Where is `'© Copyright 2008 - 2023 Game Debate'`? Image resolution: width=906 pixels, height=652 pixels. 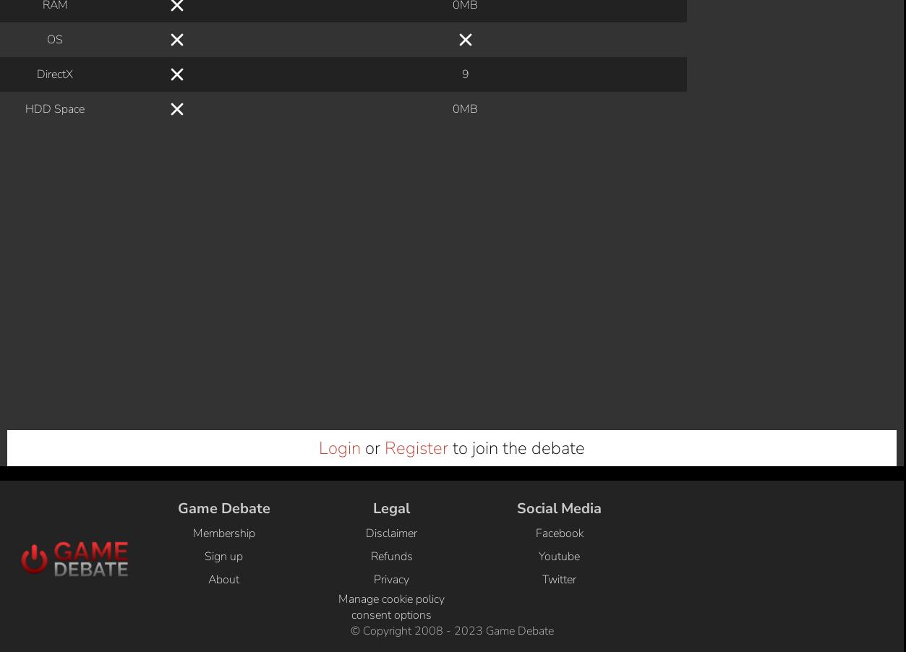
'© Copyright 2008 - 2023 Game Debate' is located at coordinates (349, 130).